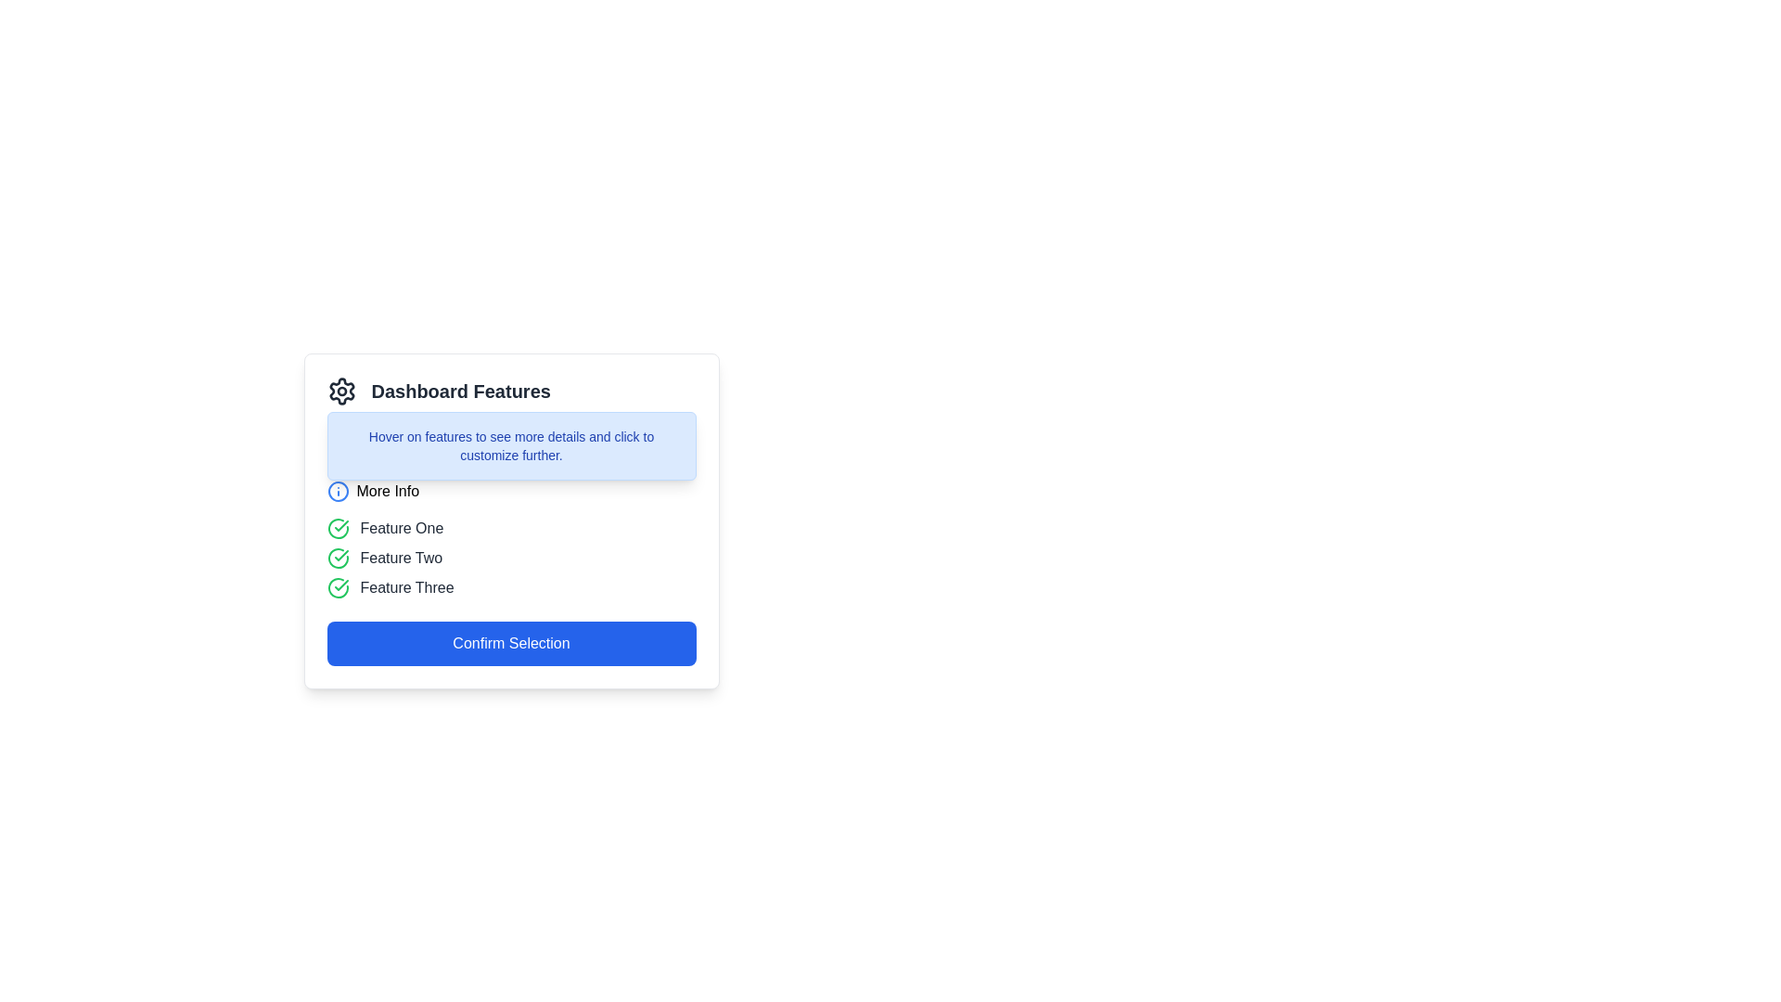  Describe the element at coordinates (372, 490) in the screenshot. I see `the clickable text and icon combination located in the top region of the card` at that location.